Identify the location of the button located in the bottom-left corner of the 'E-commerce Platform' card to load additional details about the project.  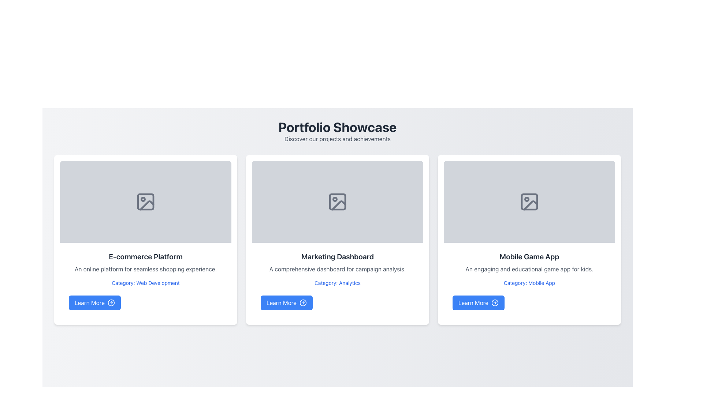
(94, 303).